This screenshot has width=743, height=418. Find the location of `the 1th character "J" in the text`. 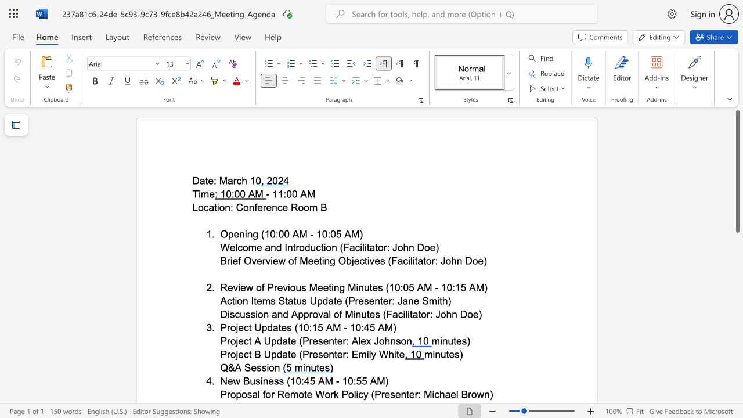

the 1th character "J" in the text is located at coordinates (437, 314).